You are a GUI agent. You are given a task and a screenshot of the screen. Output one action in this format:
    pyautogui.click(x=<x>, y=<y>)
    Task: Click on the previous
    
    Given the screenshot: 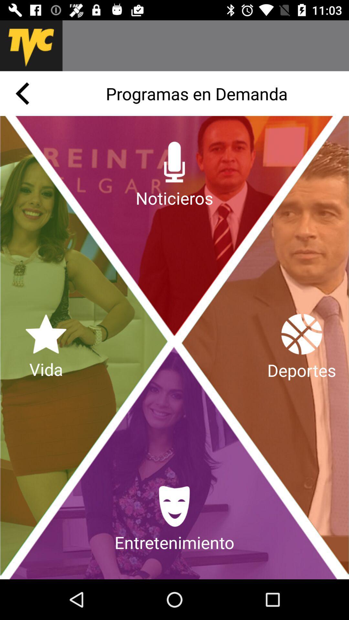 What is the action you would take?
    pyautogui.click(x=22, y=93)
    